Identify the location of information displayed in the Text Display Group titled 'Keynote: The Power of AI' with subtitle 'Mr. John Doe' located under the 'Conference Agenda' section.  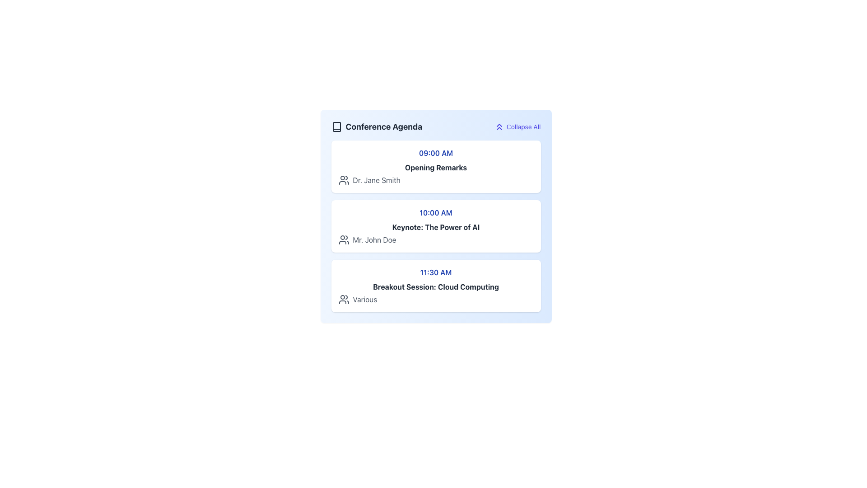
(436, 233).